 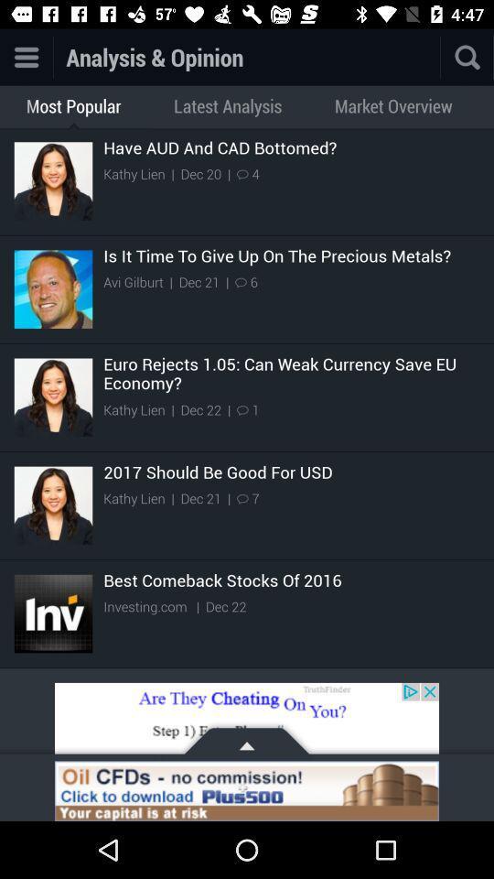 I want to click on search box, so click(x=439, y=57).